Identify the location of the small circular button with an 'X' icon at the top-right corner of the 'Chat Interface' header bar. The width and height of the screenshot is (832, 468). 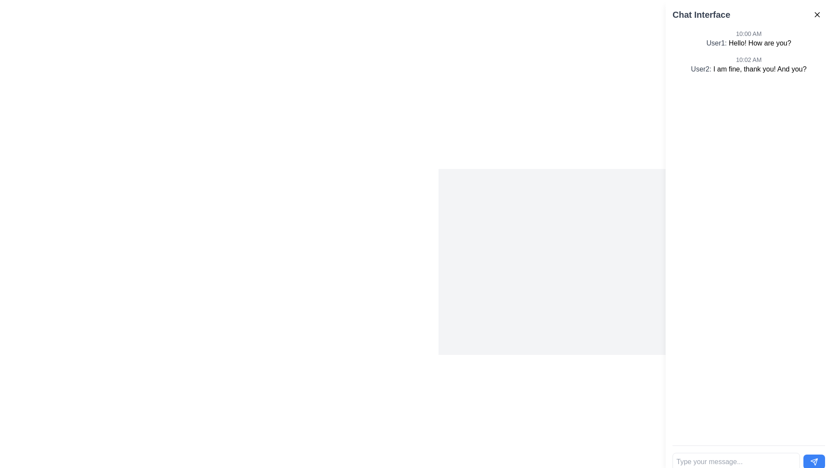
(817, 15).